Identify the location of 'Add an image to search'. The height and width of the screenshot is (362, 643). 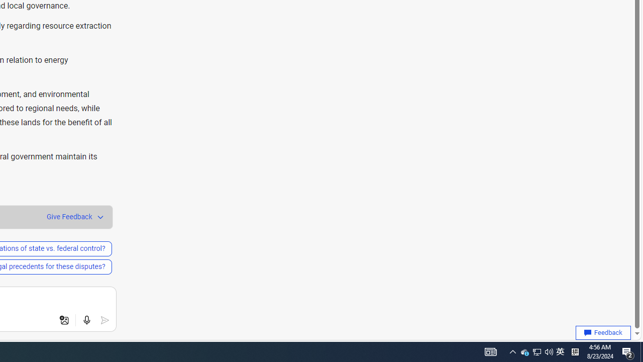
(64, 320).